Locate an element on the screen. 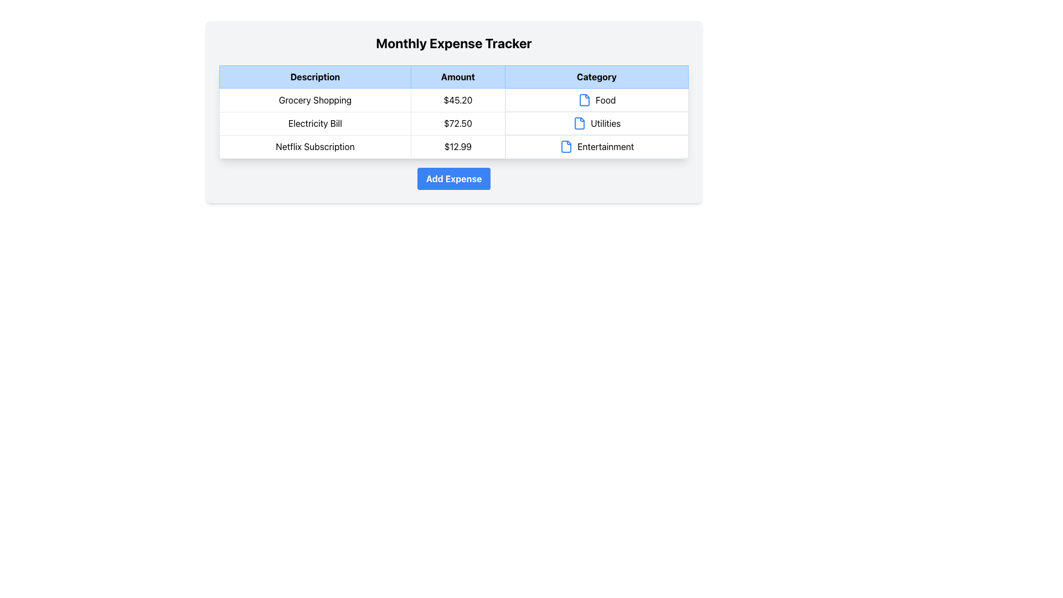 The width and height of the screenshot is (1063, 598). the first row of the expense data in the expense tracker, which displays the description, amount spent, and category of the expenditure is located at coordinates (454, 100).